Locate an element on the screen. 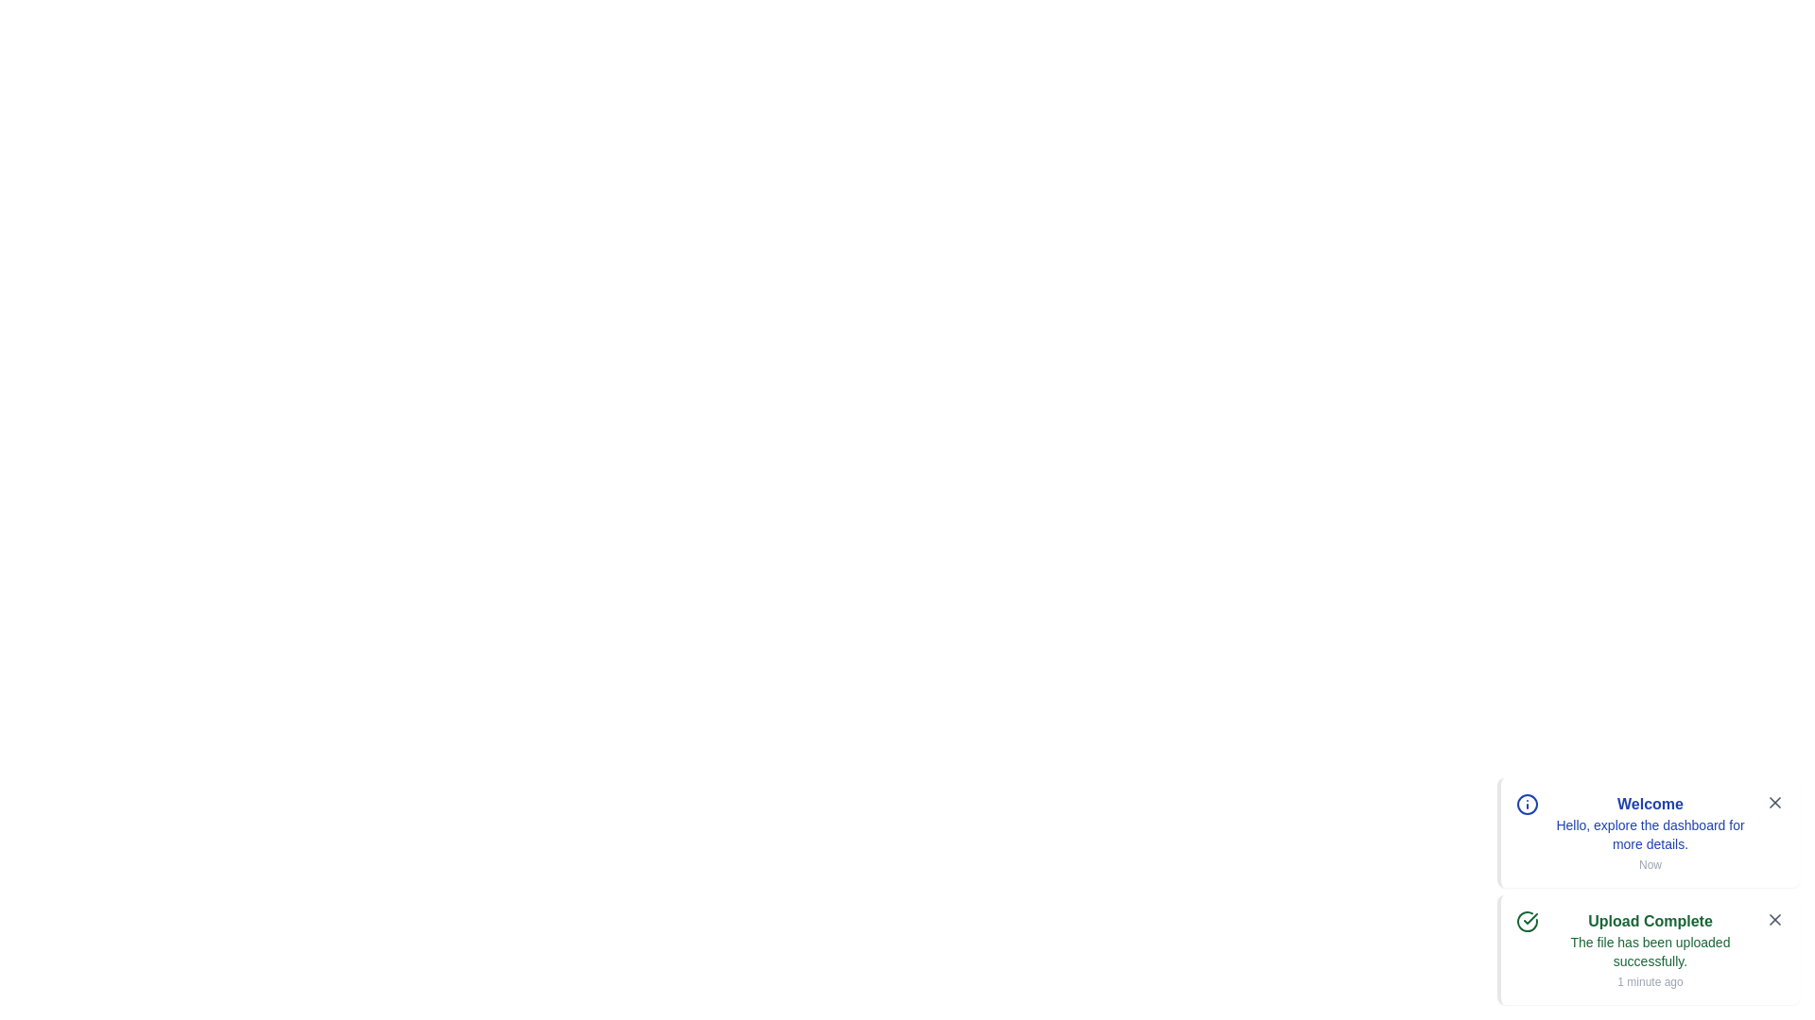  the notification identified by Welcome is located at coordinates (1647, 832).